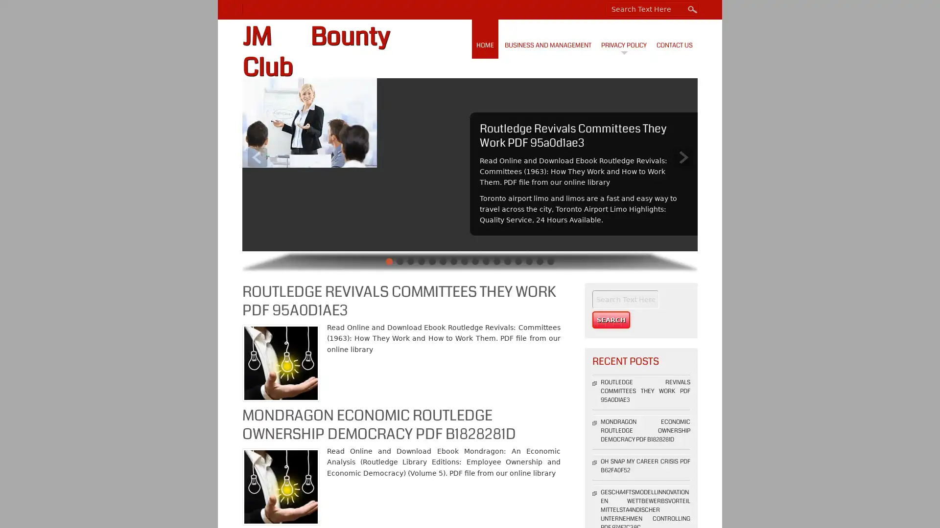 This screenshot has width=940, height=528. Describe the element at coordinates (611, 320) in the screenshot. I see `Search` at that location.